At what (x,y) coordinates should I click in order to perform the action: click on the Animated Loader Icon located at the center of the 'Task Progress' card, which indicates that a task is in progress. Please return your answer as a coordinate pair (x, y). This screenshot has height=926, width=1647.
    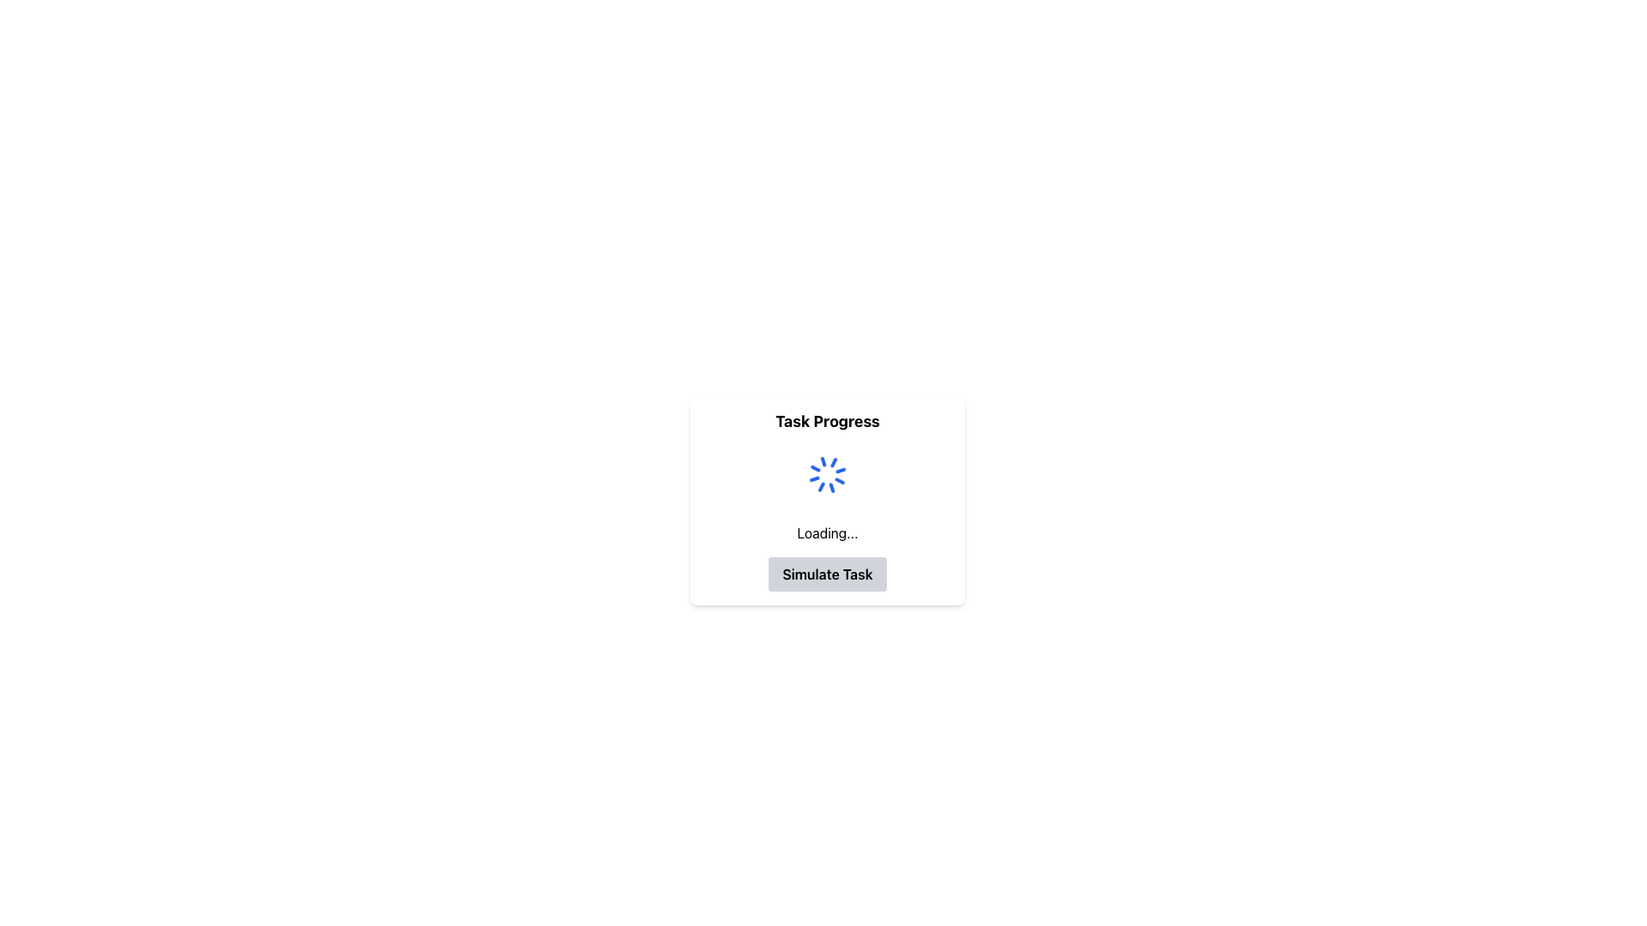
    Looking at the image, I should click on (827, 475).